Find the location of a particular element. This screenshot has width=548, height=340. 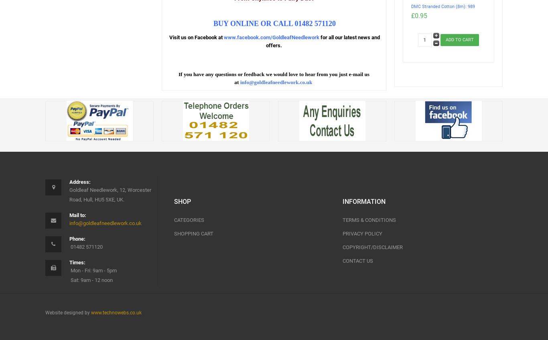

'Website designed by' is located at coordinates (68, 312).